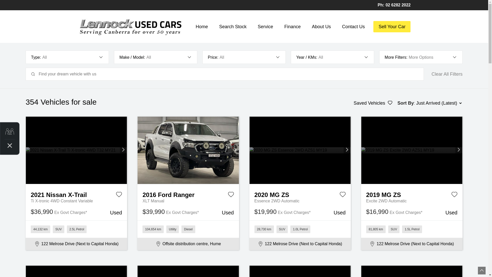 The image size is (492, 277). What do you see at coordinates (232, 27) in the screenshot?
I see `'Search Stock'` at bounding box center [232, 27].